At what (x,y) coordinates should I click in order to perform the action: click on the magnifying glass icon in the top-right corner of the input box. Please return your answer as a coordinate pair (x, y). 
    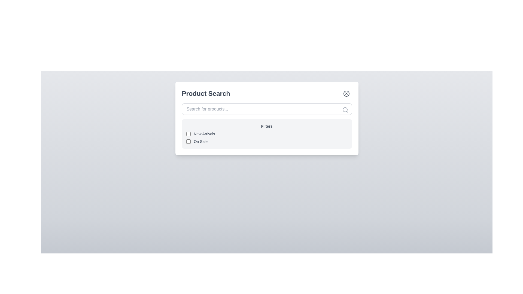
    Looking at the image, I should click on (345, 110).